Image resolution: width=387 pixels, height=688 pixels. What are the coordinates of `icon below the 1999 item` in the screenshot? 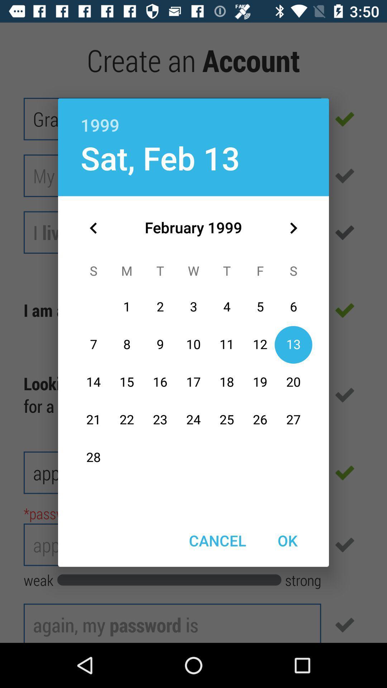 It's located at (160, 157).